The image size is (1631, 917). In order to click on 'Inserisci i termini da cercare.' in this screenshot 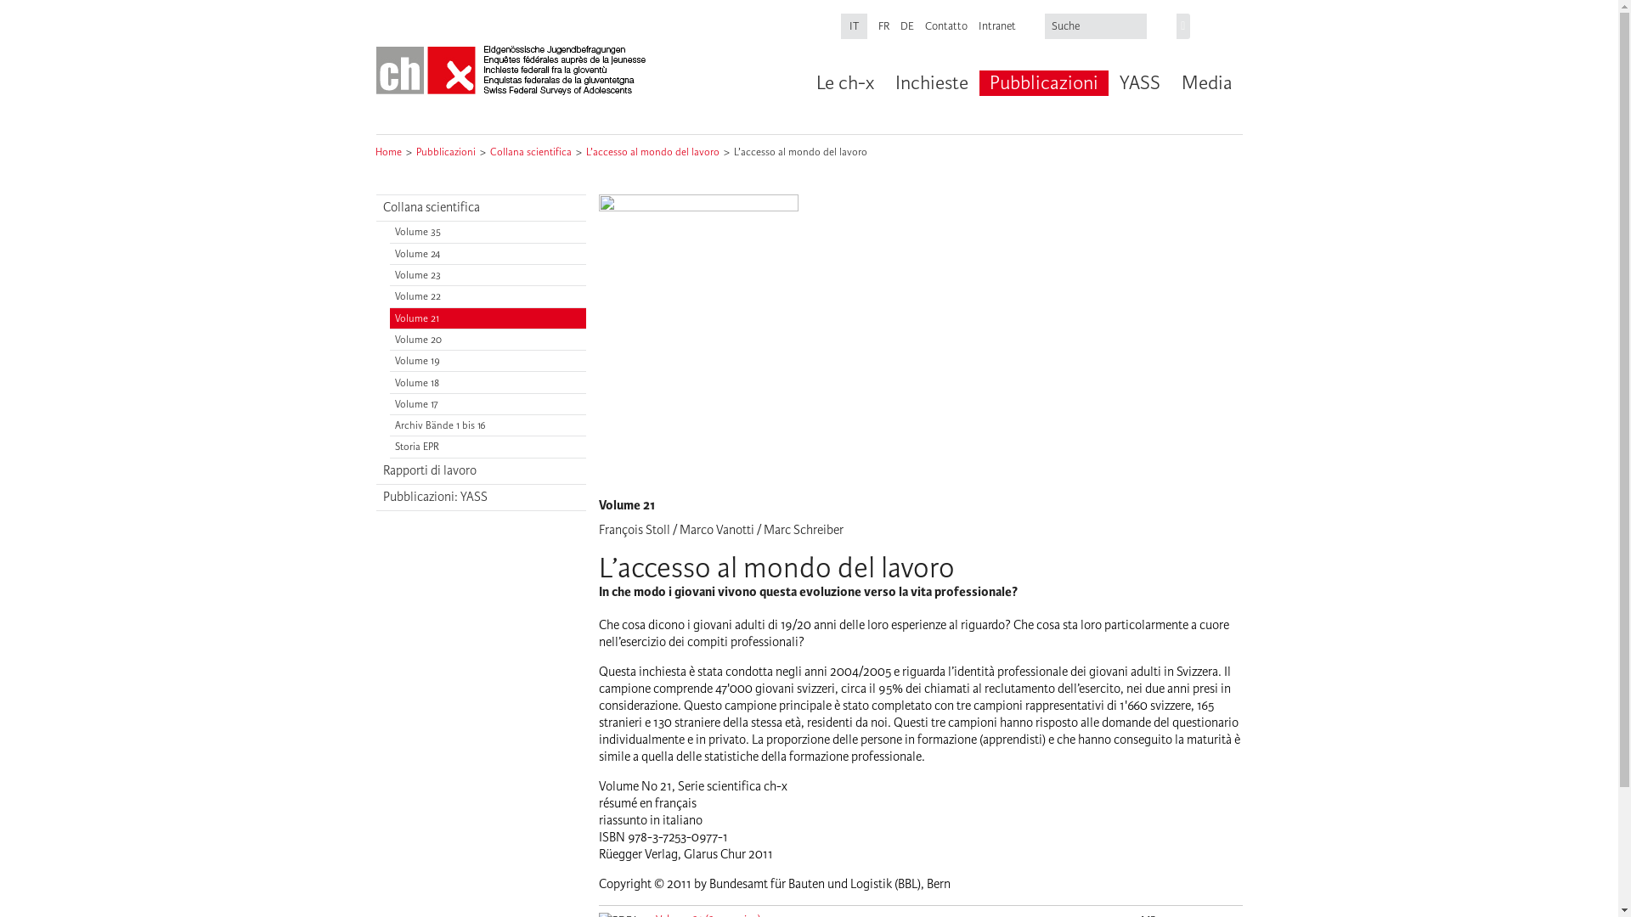, I will do `click(1043, 25)`.